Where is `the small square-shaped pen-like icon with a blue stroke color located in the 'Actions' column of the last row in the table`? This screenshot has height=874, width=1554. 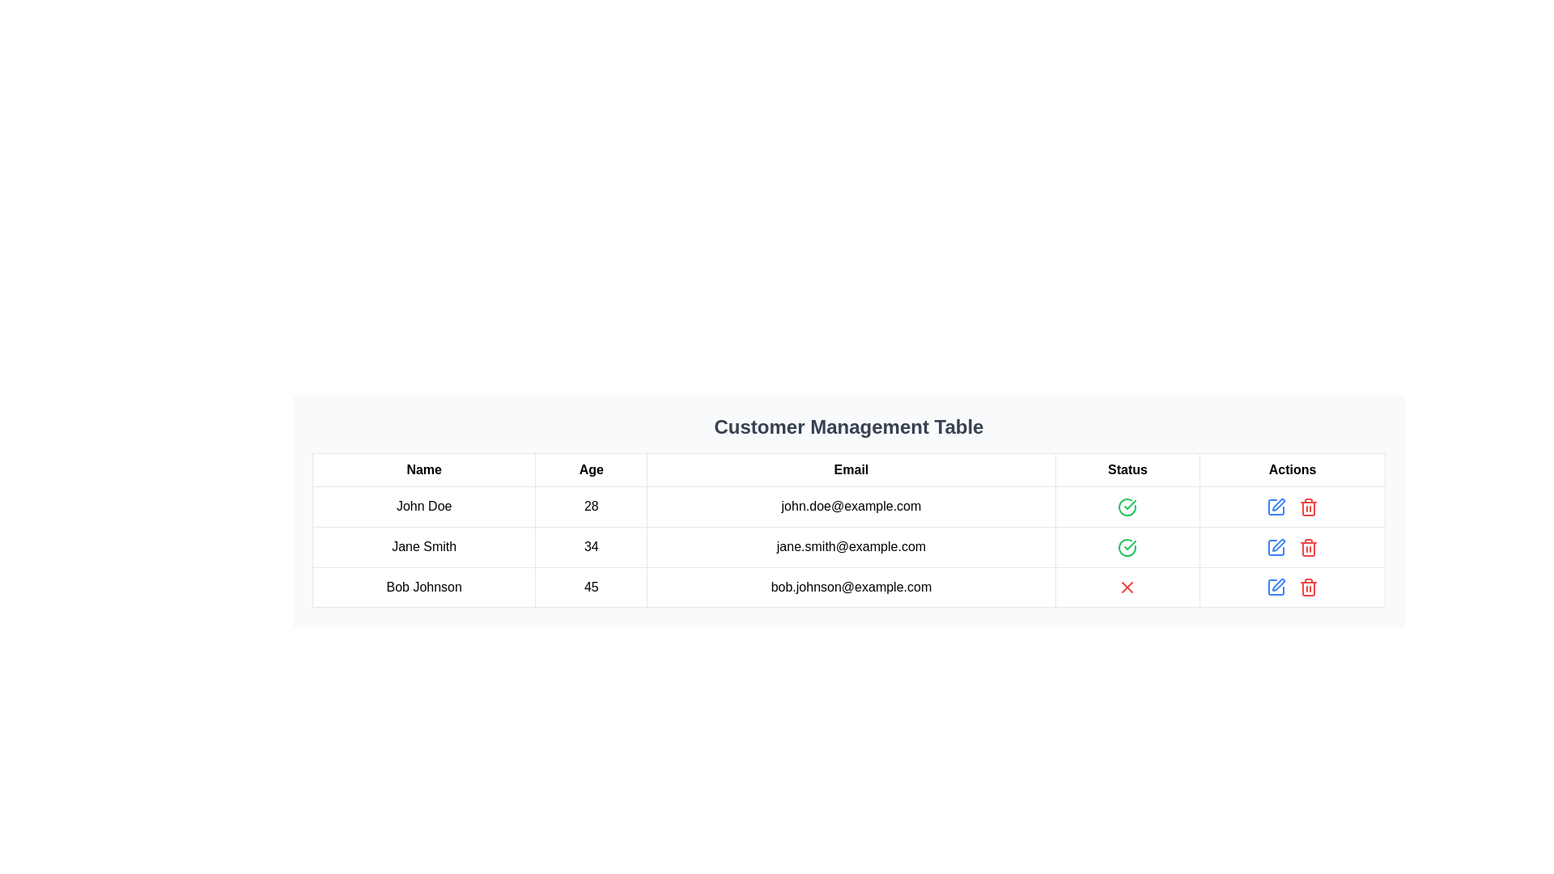
the small square-shaped pen-like icon with a blue stroke color located in the 'Actions' column of the last row in the table is located at coordinates (1276, 588).